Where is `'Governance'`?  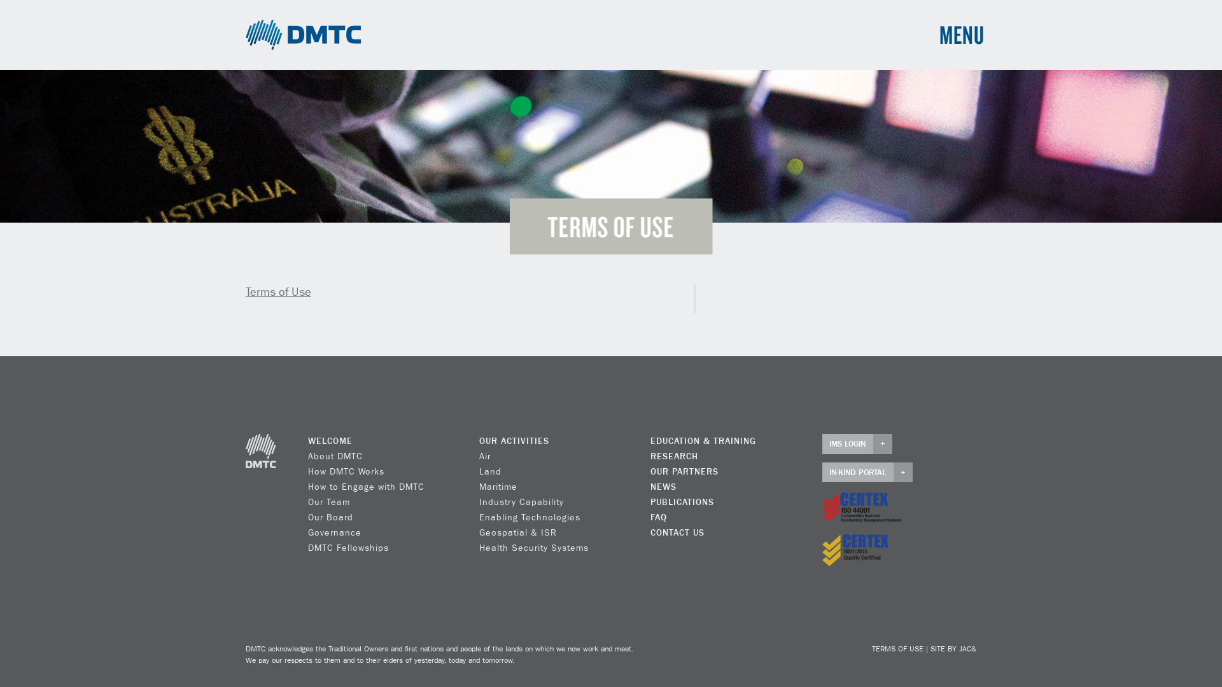
'Governance' is located at coordinates (335, 532).